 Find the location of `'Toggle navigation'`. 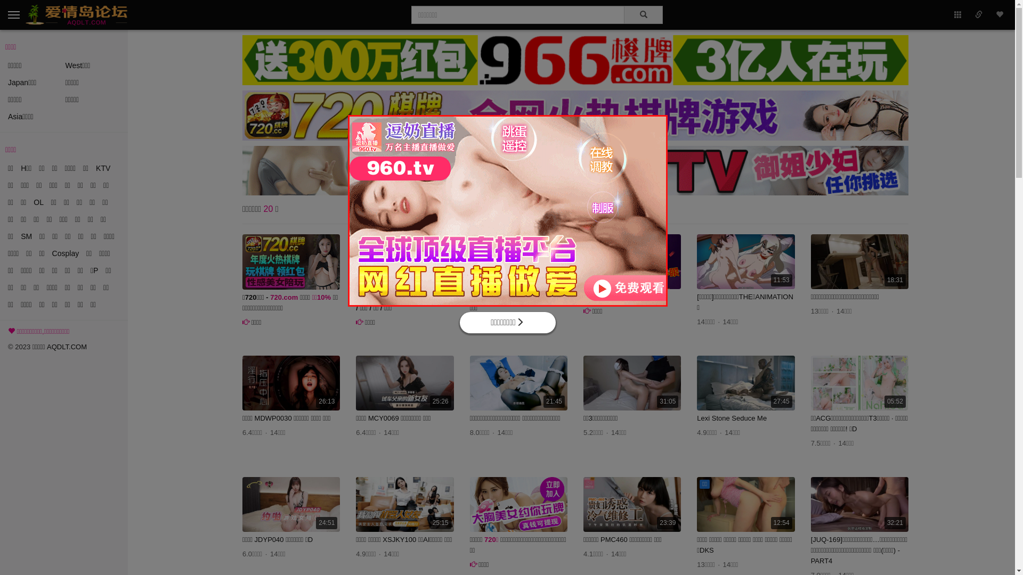

'Toggle navigation' is located at coordinates (3, 14).